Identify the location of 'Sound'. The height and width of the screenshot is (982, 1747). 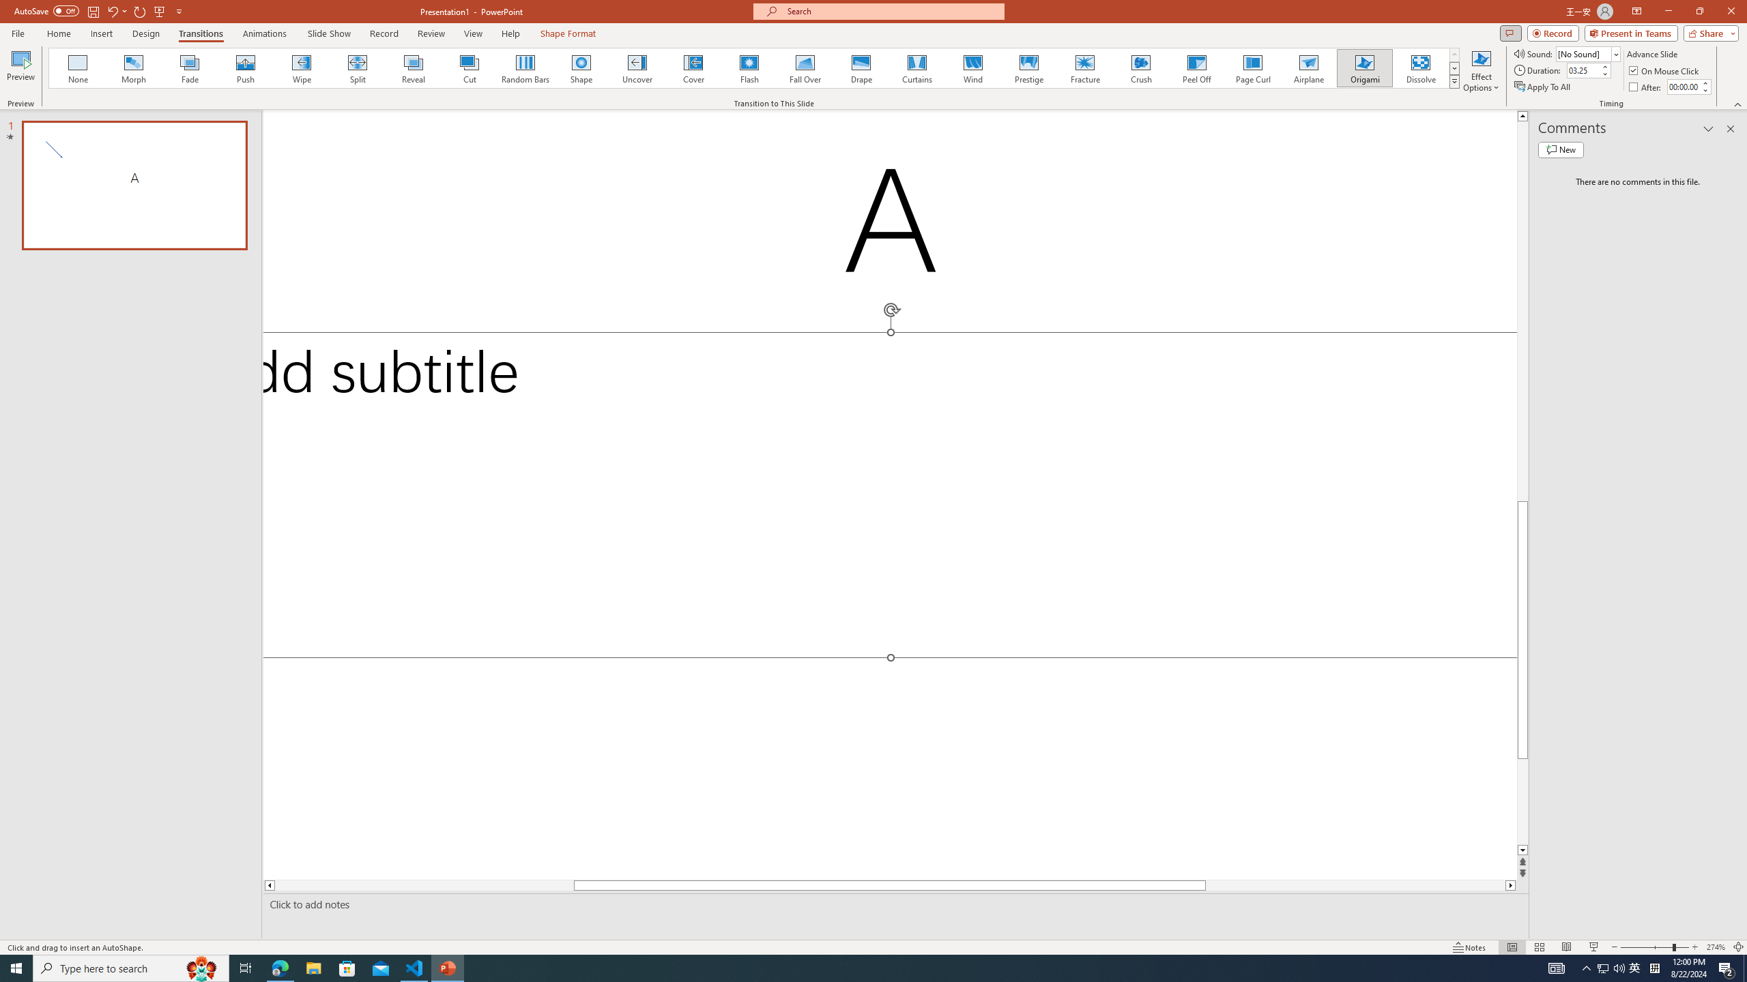
(1588, 53).